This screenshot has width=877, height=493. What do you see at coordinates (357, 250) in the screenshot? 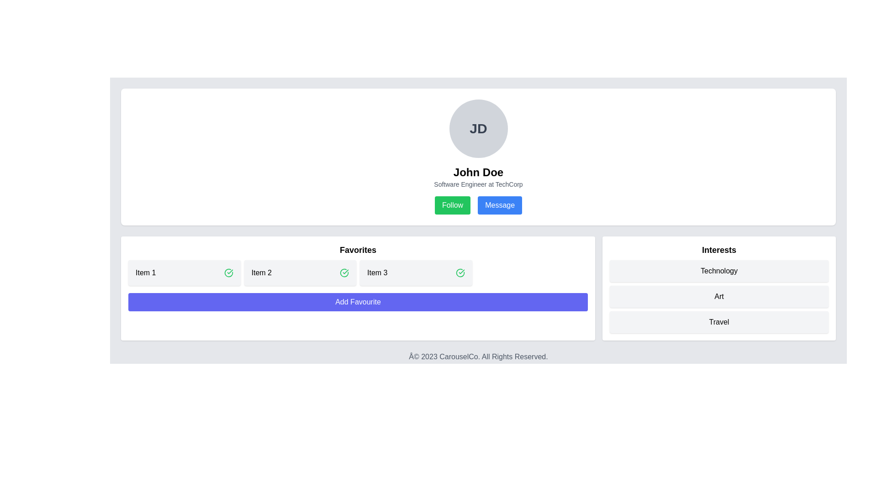
I see `the 'Favorites' section header text label, which serves as a visual cue for the content and functionality of the section below` at bounding box center [357, 250].